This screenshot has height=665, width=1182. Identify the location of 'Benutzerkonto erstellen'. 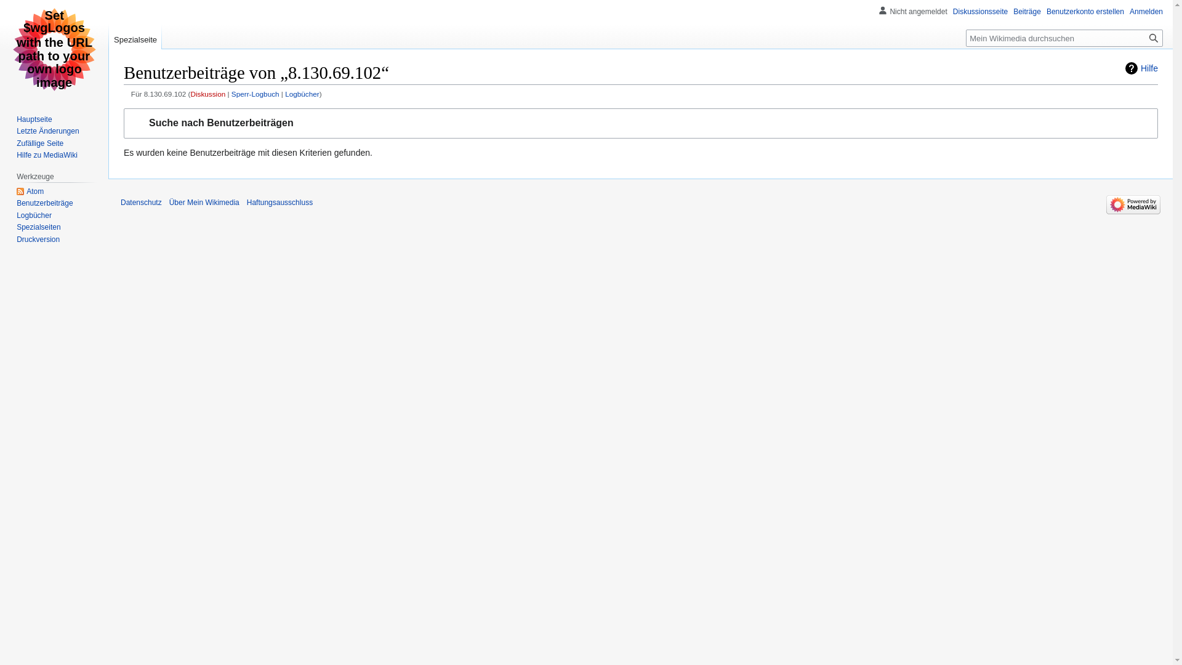
(1085, 12).